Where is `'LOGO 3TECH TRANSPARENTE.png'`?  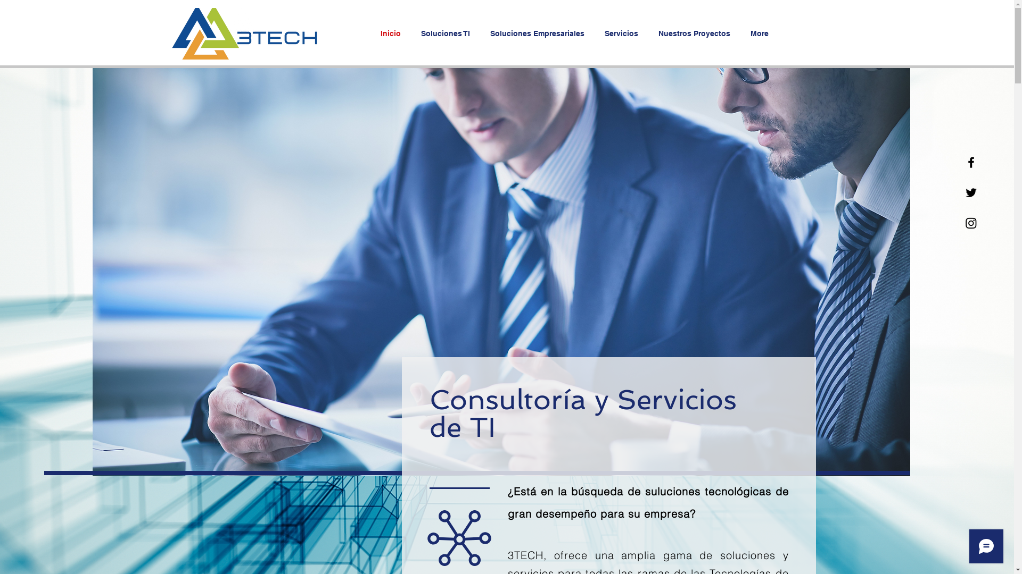 'LOGO 3TECH TRANSPARENTE.png' is located at coordinates (242, 33).